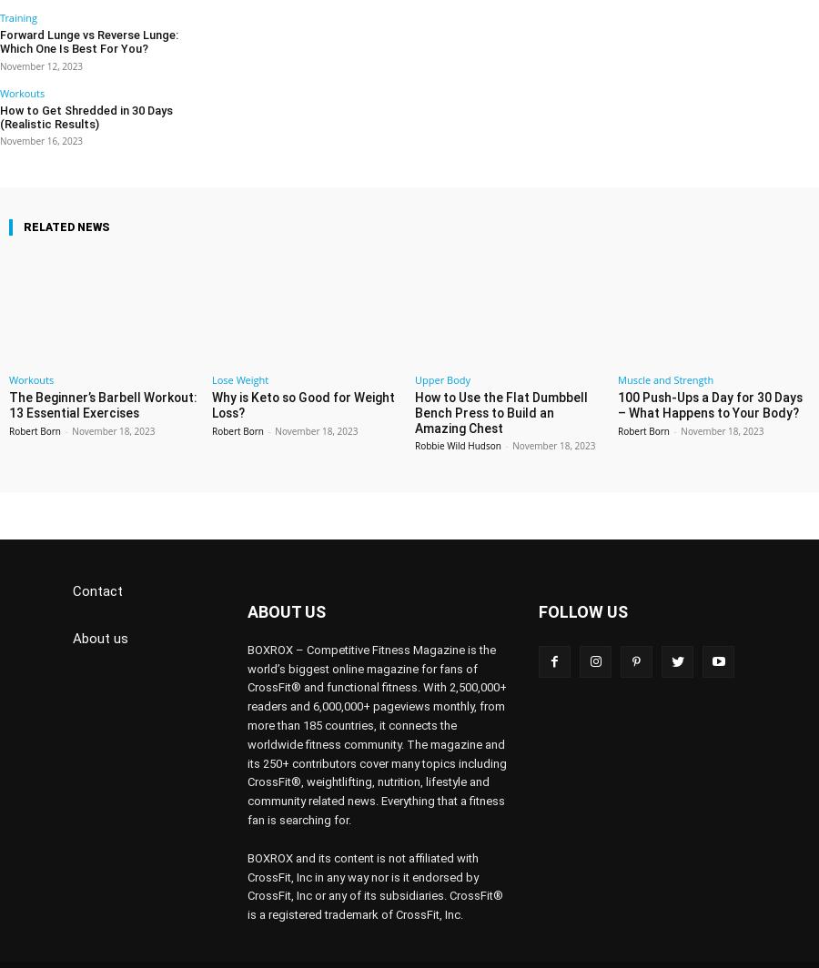 The width and height of the screenshot is (819, 968). Describe the element at coordinates (457, 418) in the screenshot. I see `'Robbie Wild Hudson'` at that location.